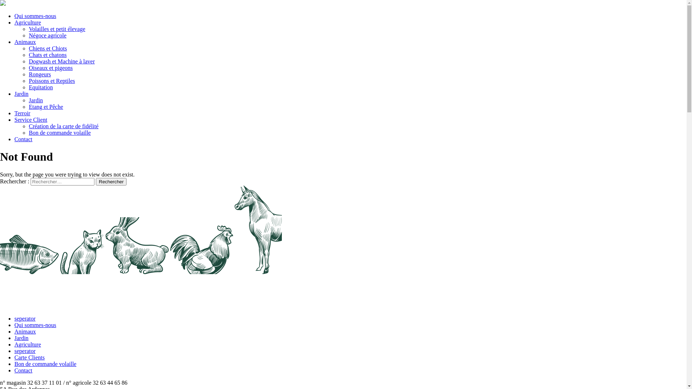 The height and width of the screenshot is (389, 692). Describe the element at coordinates (45, 364) in the screenshot. I see `'Bon de commande volaille'` at that location.